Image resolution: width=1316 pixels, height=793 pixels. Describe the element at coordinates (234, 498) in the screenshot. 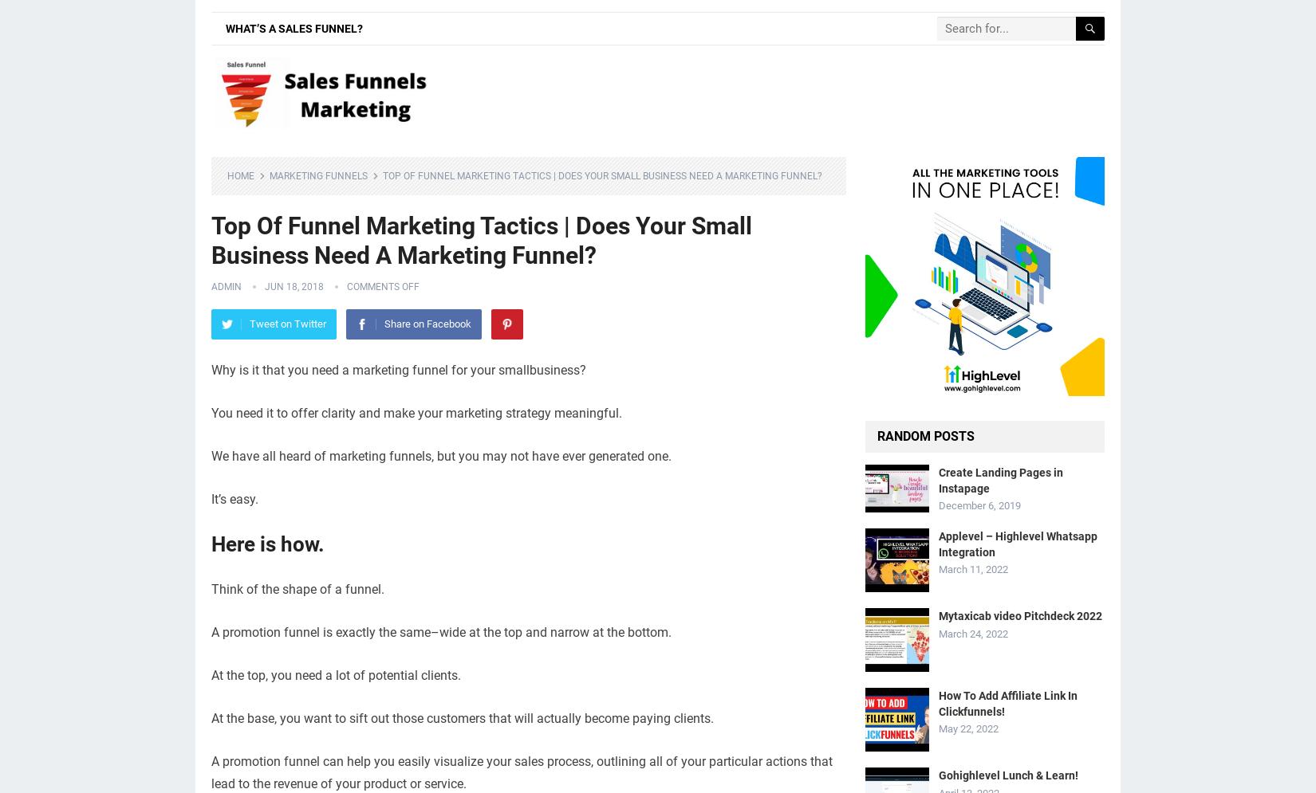

I see `'It’s easy.'` at that location.